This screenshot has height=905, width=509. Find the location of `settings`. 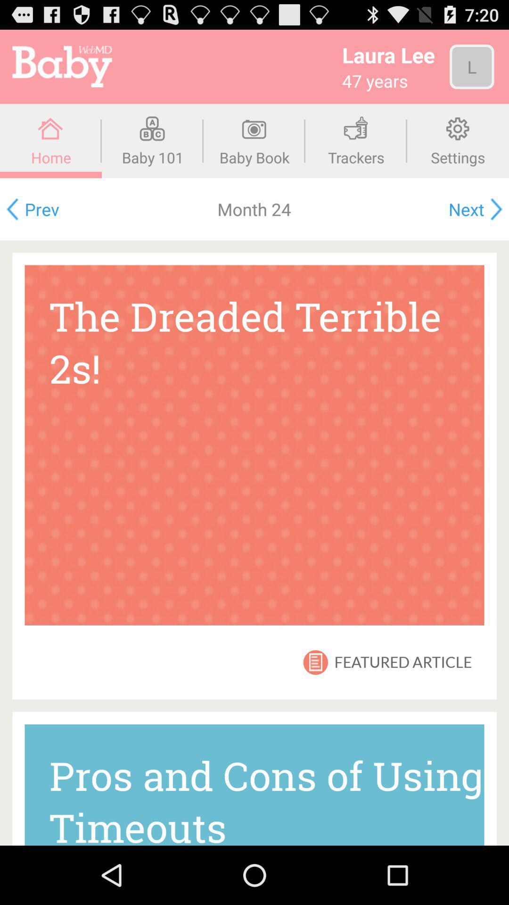

settings is located at coordinates (458, 140).